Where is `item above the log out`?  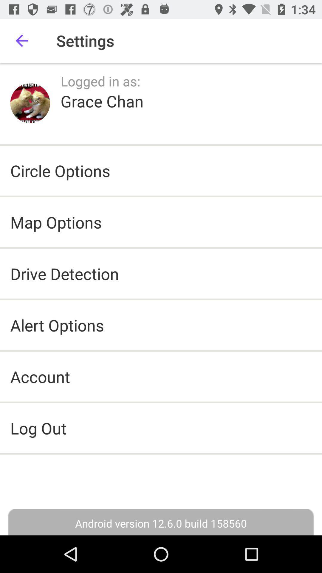
item above the log out is located at coordinates (40, 376).